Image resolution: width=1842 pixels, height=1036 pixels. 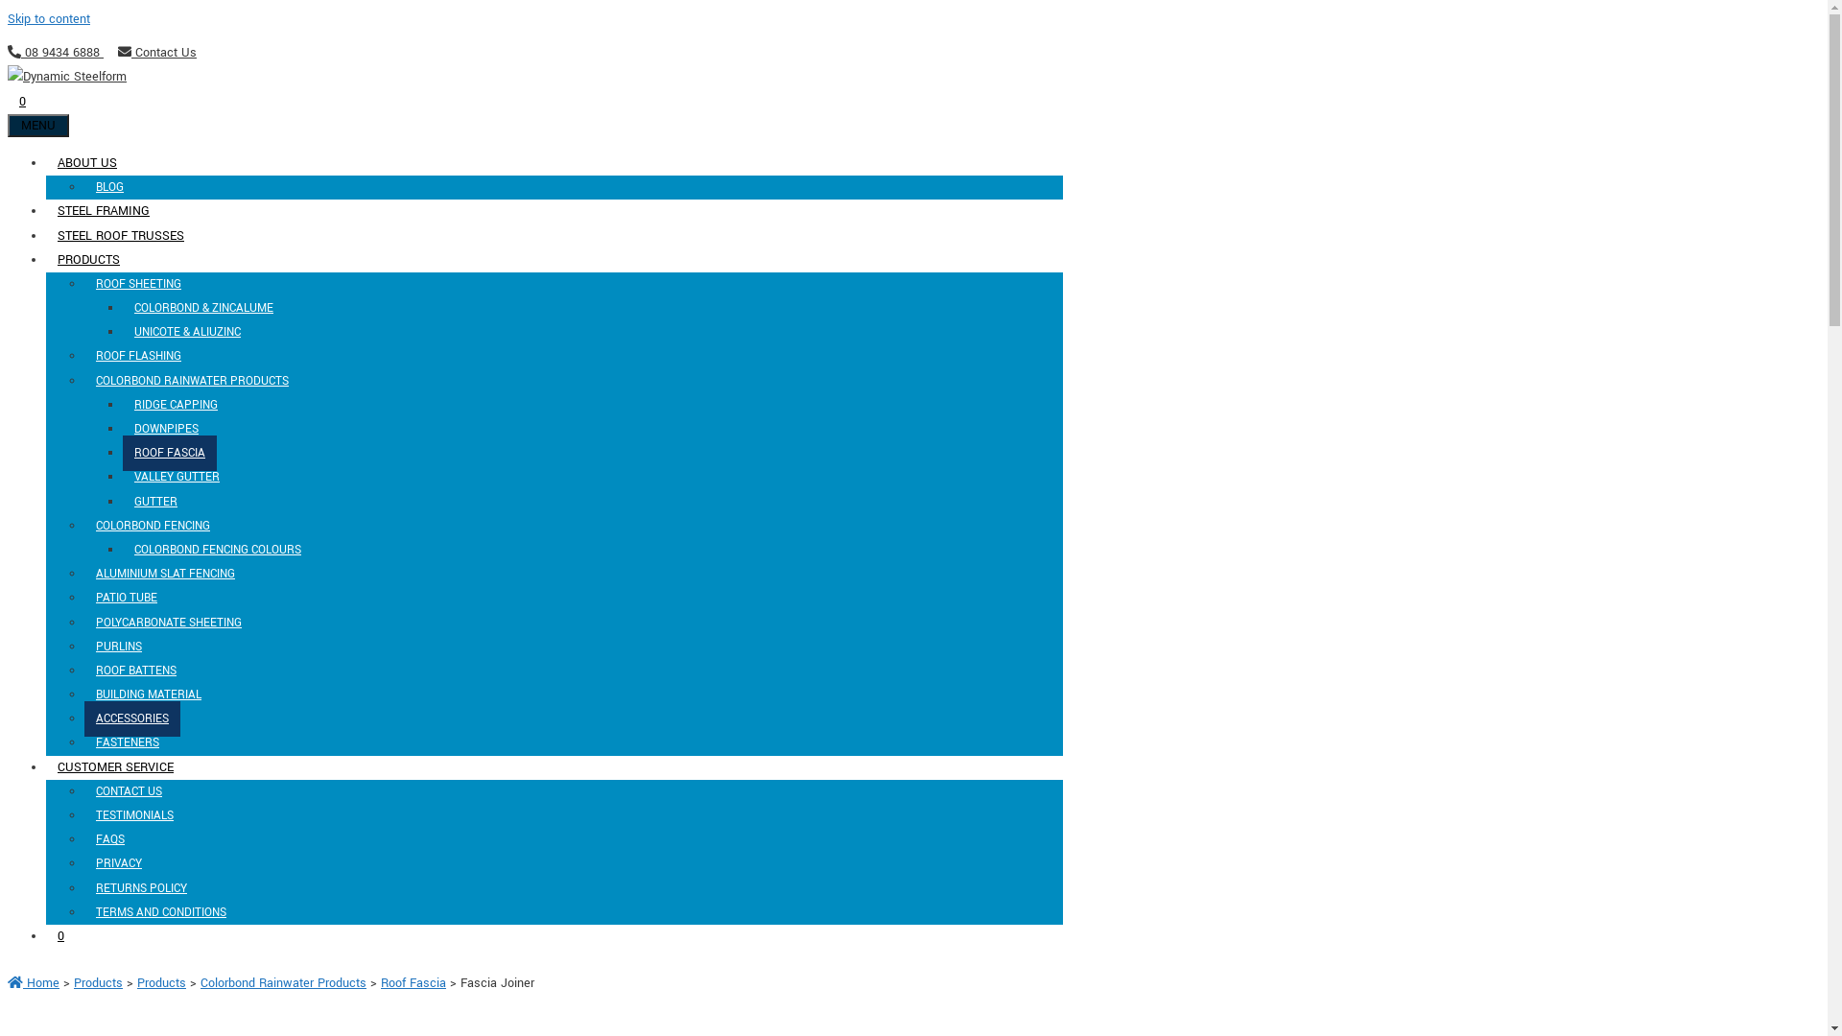 I want to click on 'ABOUT US', so click(x=91, y=161).